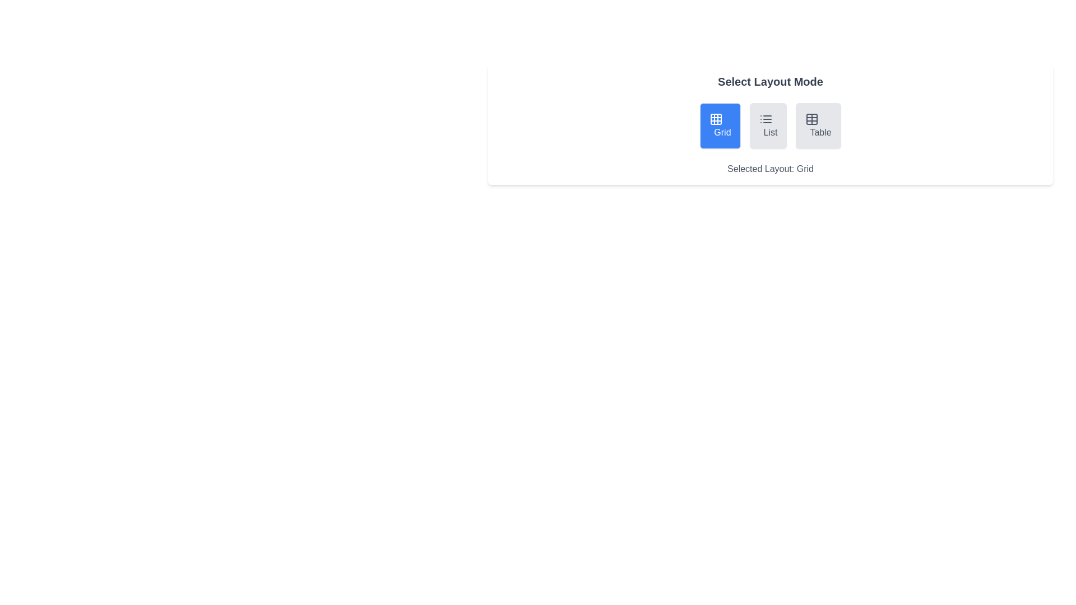  Describe the element at coordinates (720, 125) in the screenshot. I see `the layout mode by clicking on the Grid button` at that location.